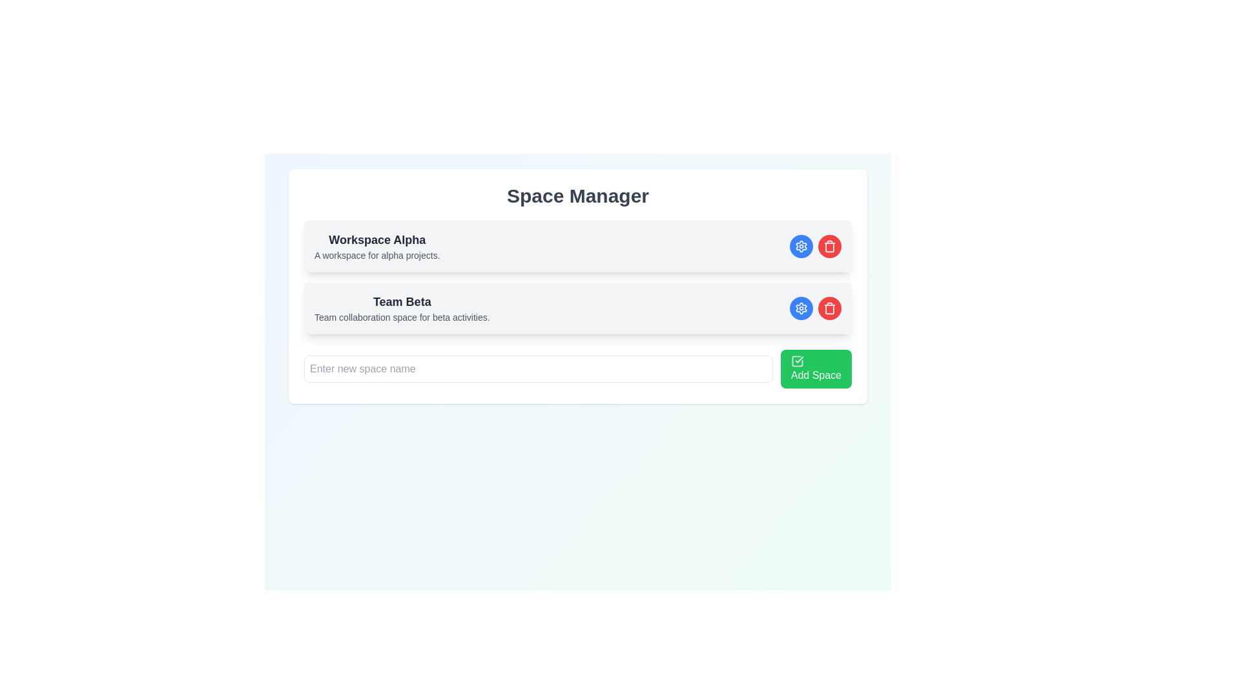 Image resolution: width=1240 pixels, height=697 pixels. Describe the element at coordinates (830, 246) in the screenshot. I see `the delete button located to the far right of the horizontal group containing two buttons, specifically the second button after the blue settings button, in the 'Workspace Alpha' row` at that location.